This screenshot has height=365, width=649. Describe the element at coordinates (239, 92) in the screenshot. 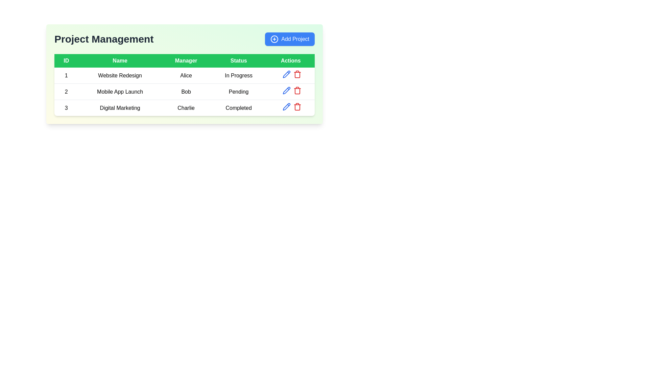

I see `the Text label that indicates the project status as 'Pending', located in the fourth column of the second row in the table under the 'Status' column` at that location.